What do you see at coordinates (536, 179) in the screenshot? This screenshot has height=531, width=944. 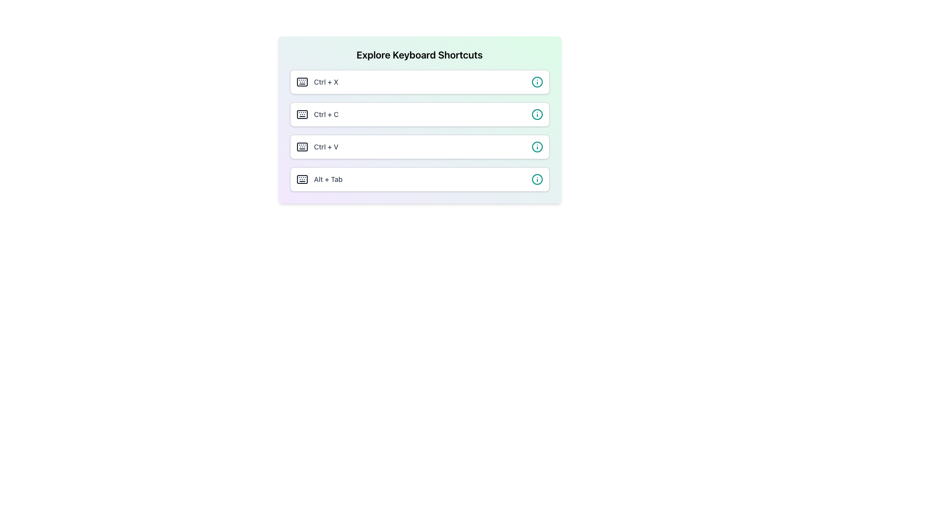 I see `the central circular component of the SVG icon located near the bottom-right corner of the last list item in a vertical list of shortcut actions` at bounding box center [536, 179].